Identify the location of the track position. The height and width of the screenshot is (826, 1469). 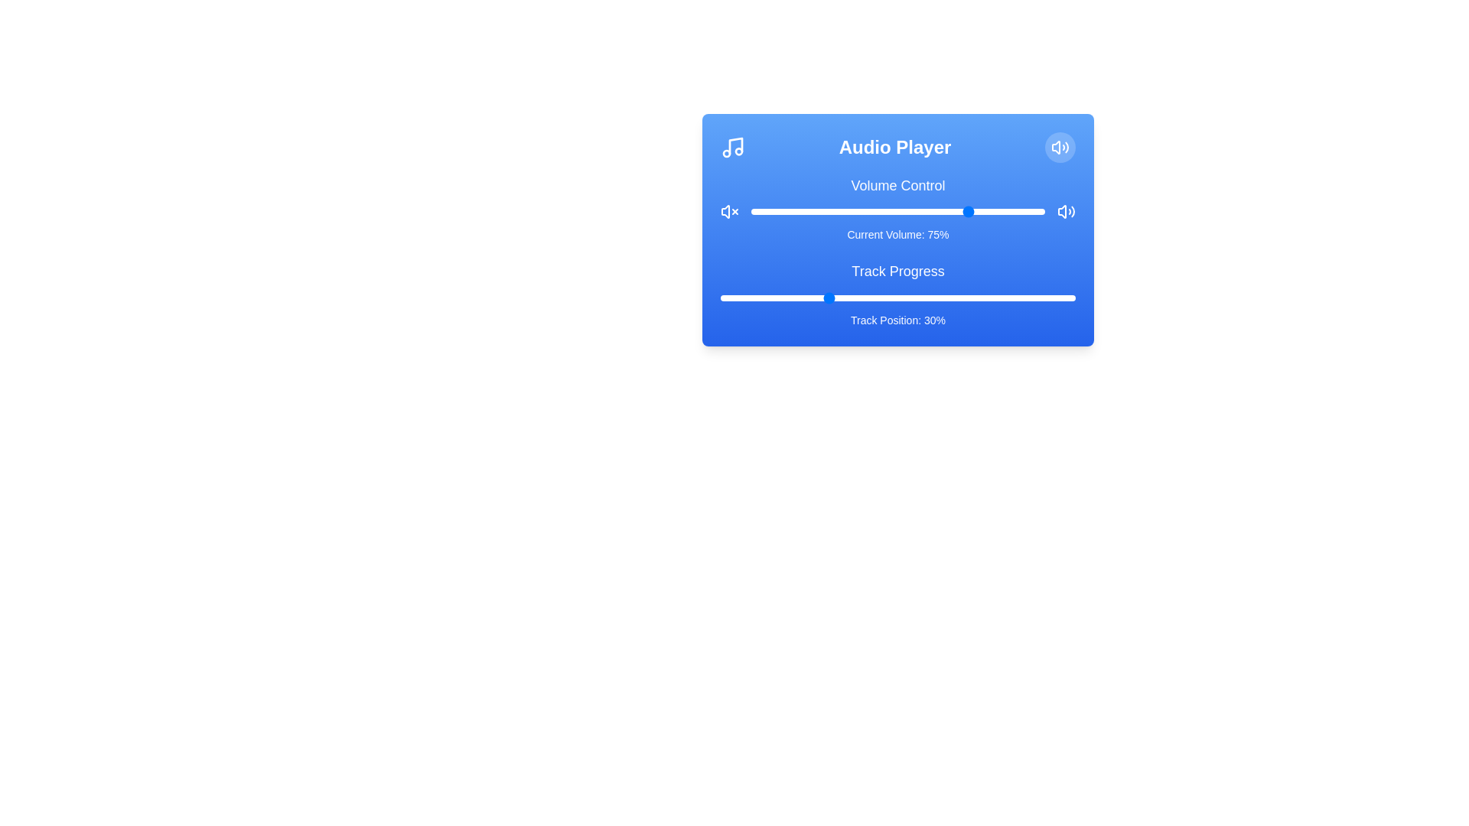
(965, 298).